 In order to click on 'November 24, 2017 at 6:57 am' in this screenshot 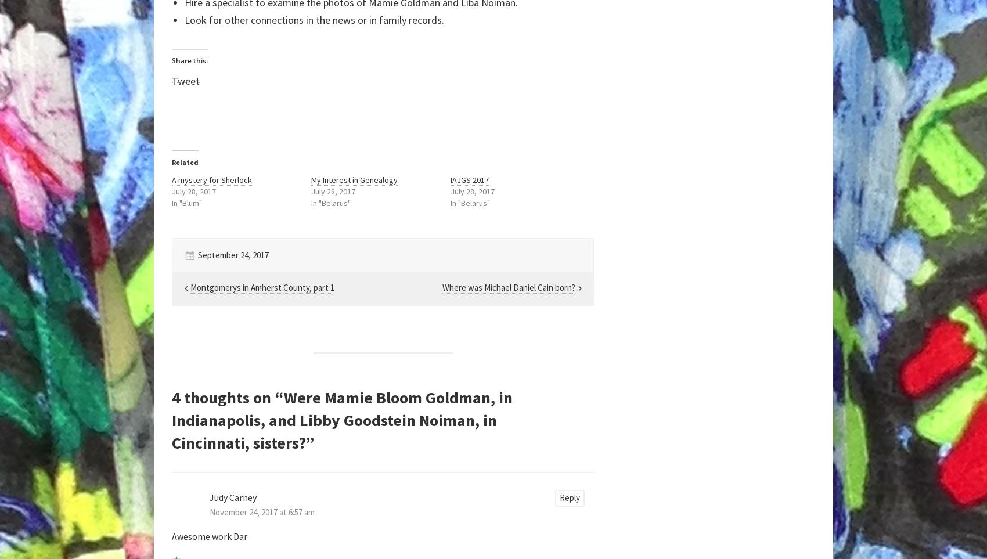, I will do `click(209, 511)`.